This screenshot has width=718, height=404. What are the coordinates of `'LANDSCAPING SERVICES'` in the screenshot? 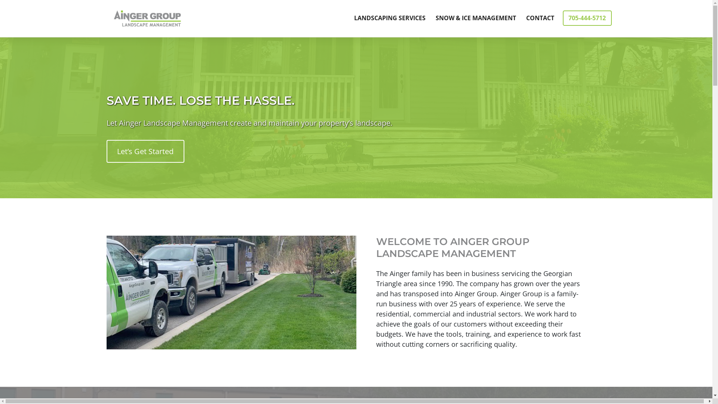 It's located at (388, 12).